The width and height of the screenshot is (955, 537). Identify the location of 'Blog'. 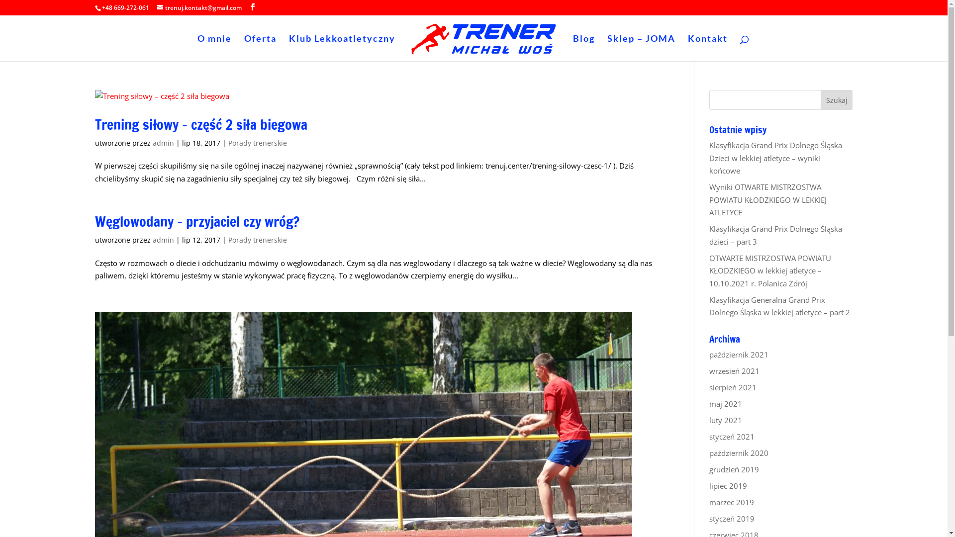
(584, 48).